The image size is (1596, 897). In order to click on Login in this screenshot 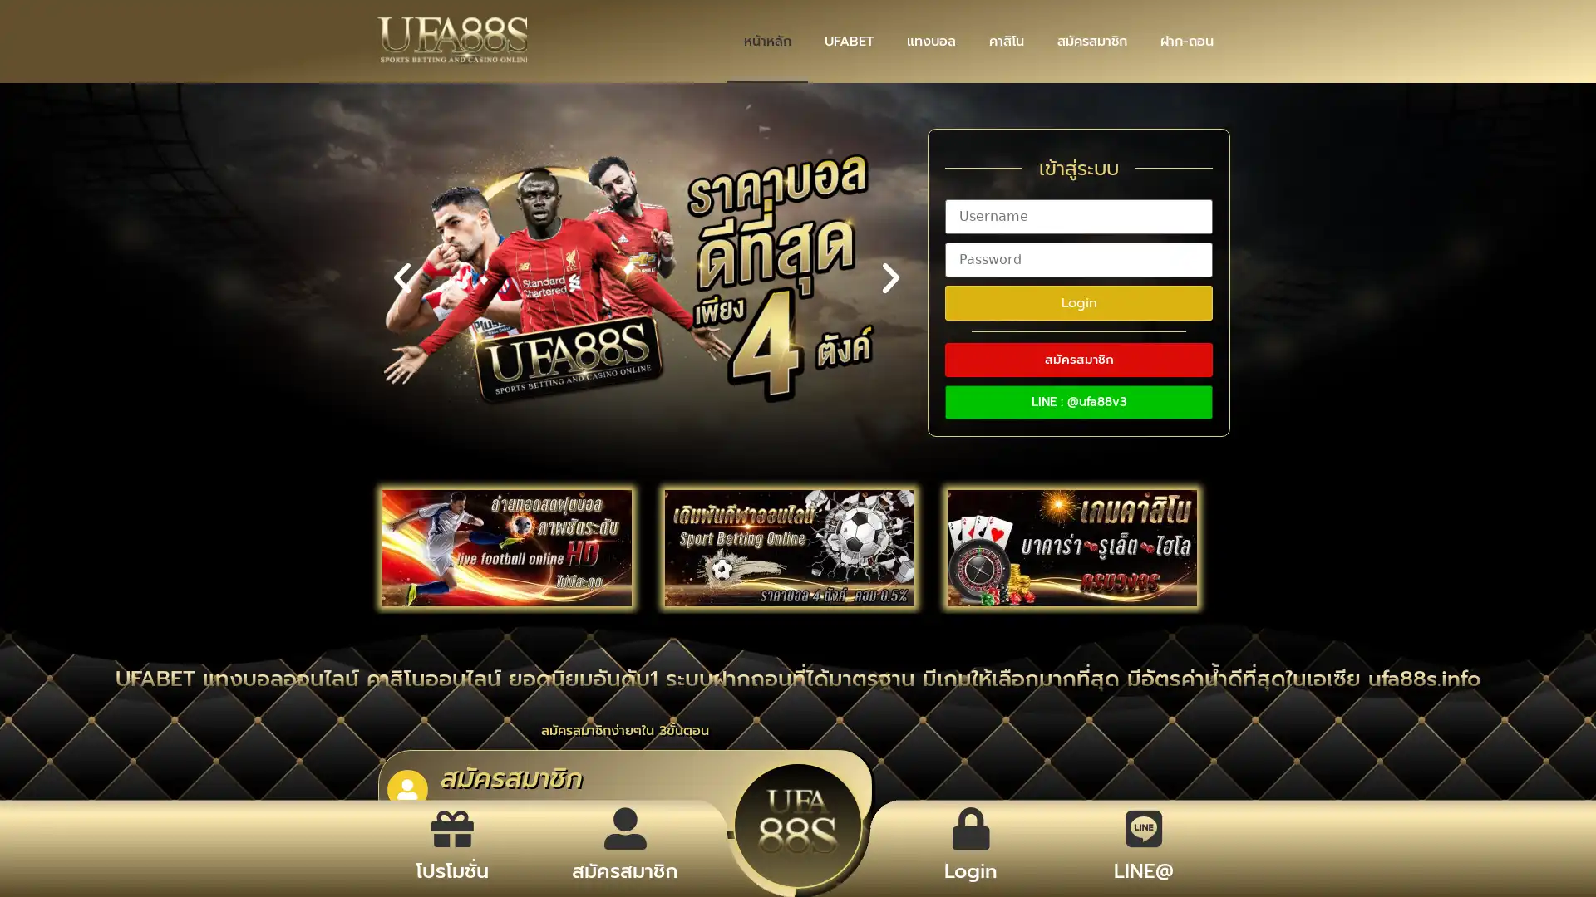, I will do `click(1078, 301)`.